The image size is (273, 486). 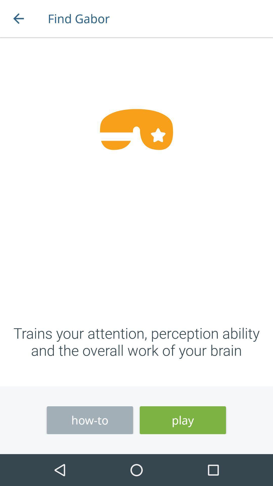 What do you see at coordinates (183, 420) in the screenshot?
I see `item below the trains your attention` at bounding box center [183, 420].